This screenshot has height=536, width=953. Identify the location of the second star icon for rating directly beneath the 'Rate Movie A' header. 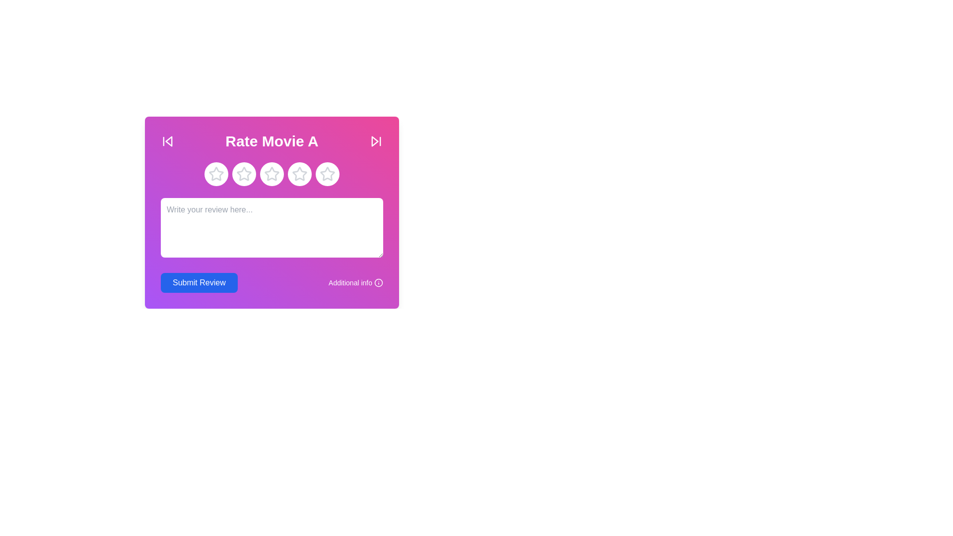
(244, 174).